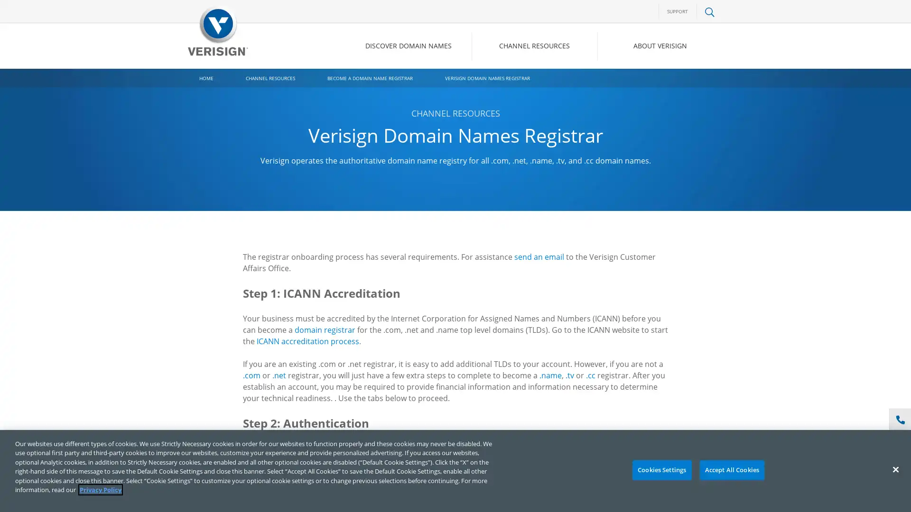 The height and width of the screenshot is (512, 911). Describe the element at coordinates (661, 470) in the screenshot. I see `Cookies Settings` at that location.